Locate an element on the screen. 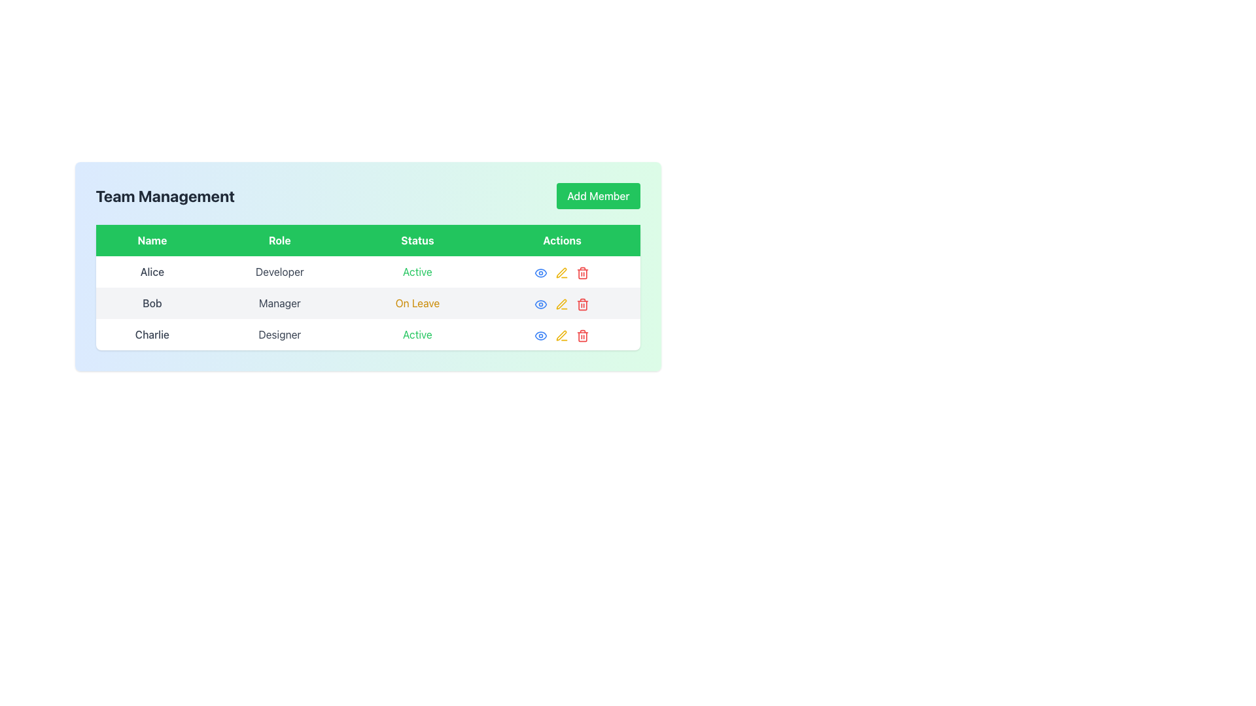 This screenshot has height=706, width=1256. the central vertical segment of the trash bin icon in the 'Actions' column of the third row (Charlie) in the 'Team Management' table is located at coordinates (582, 273).